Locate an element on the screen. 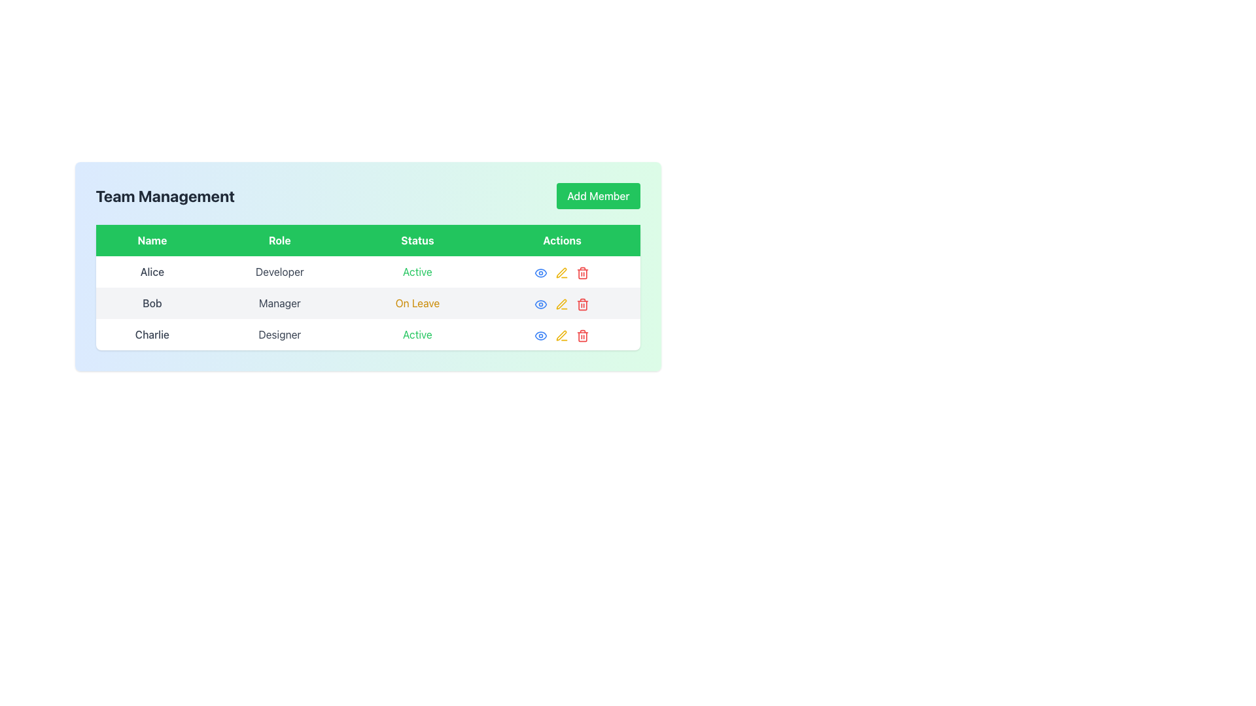 This screenshot has height=706, width=1256. the central vertical segment of the trash bin icon in the 'Actions' column of the third row (Charlie) in the 'Team Management' table is located at coordinates (582, 273).